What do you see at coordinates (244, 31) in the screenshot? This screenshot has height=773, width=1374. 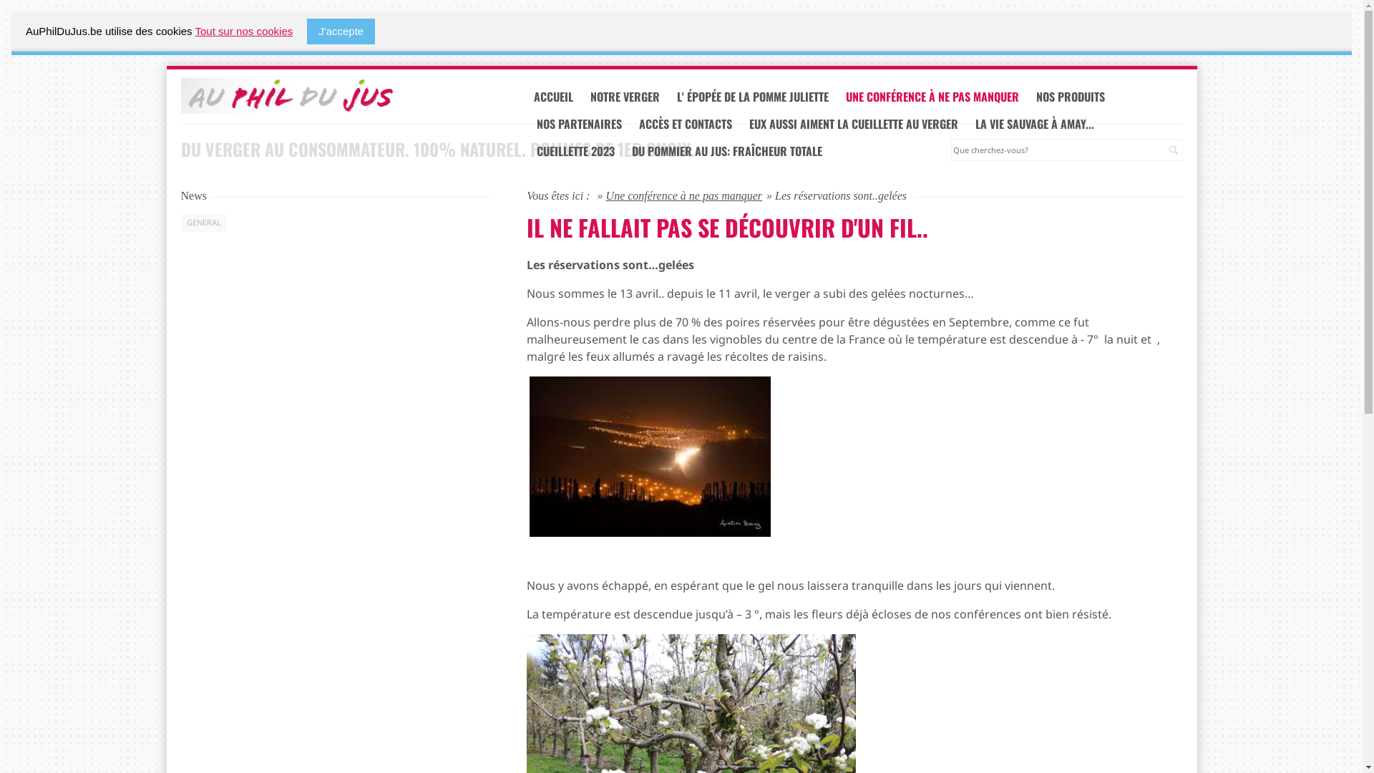 I see `'Tout sur nos cookies'` at bounding box center [244, 31].